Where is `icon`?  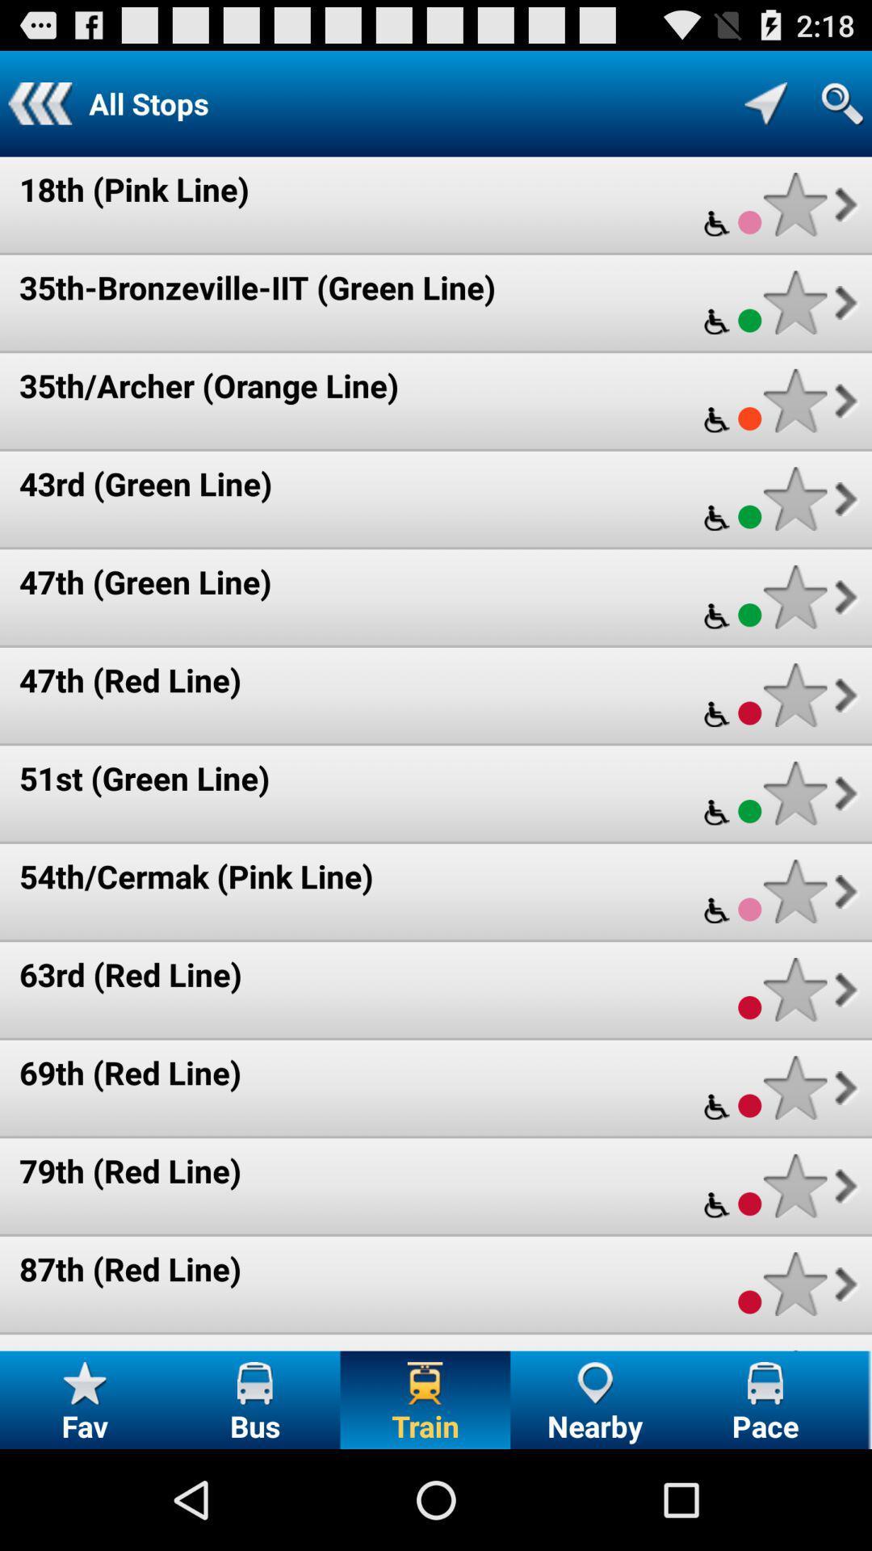 icon is located at coordinates (794, 1283).